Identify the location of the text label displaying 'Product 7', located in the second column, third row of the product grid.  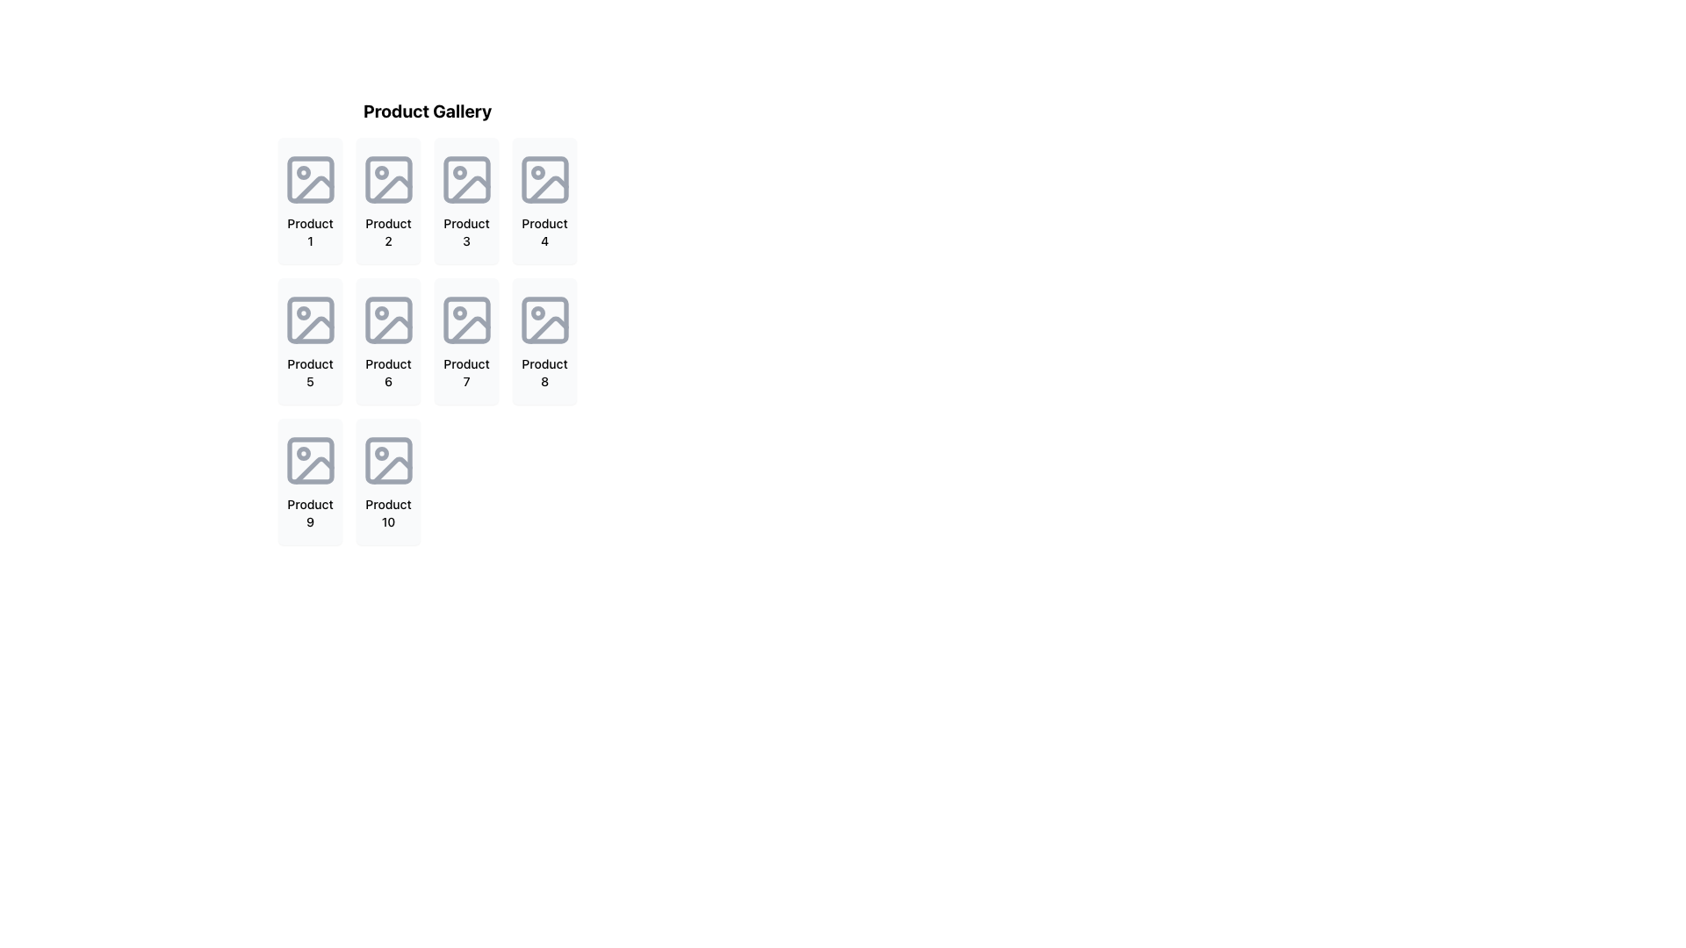
(466, 371).